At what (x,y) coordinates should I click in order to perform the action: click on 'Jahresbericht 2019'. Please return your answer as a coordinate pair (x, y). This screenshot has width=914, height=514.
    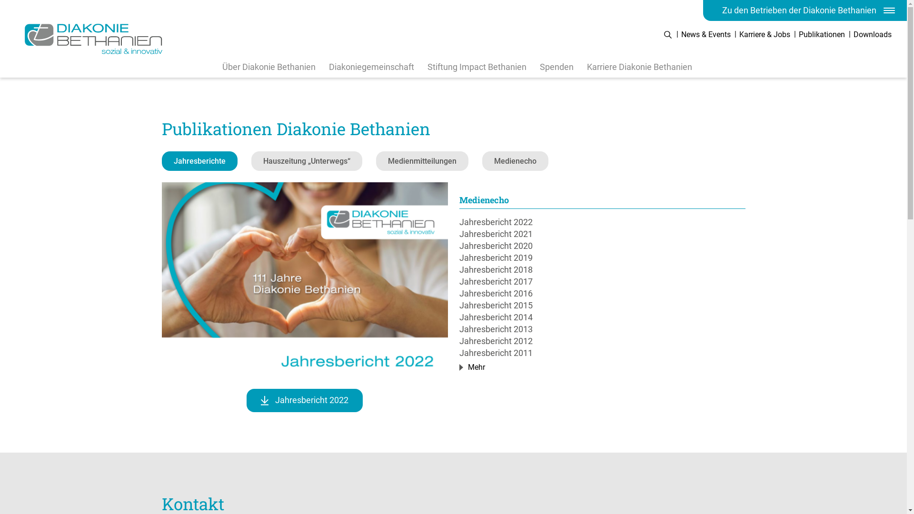
    Looking at the image, I should click on (601, 257).